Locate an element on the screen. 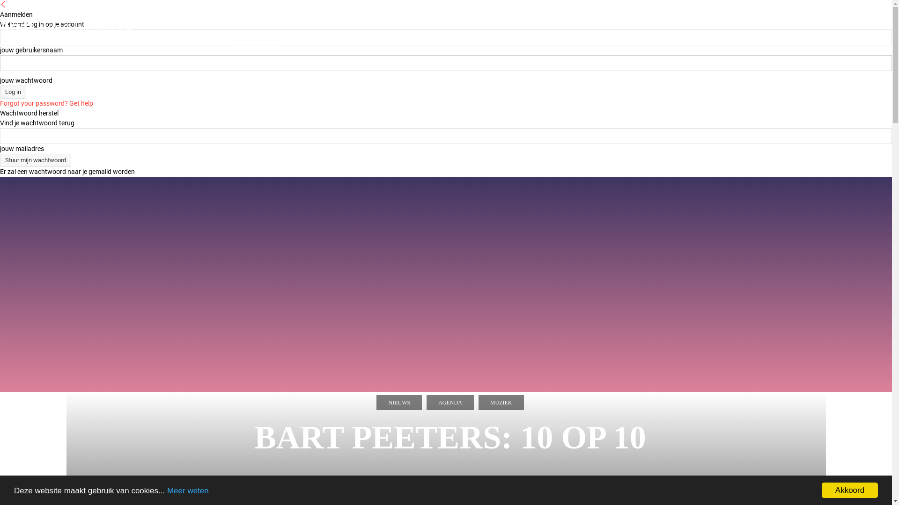 Image resolution: width=899 pixels, height=505 pixels. 'NIEUWS' is located at coordinates (399, 402).